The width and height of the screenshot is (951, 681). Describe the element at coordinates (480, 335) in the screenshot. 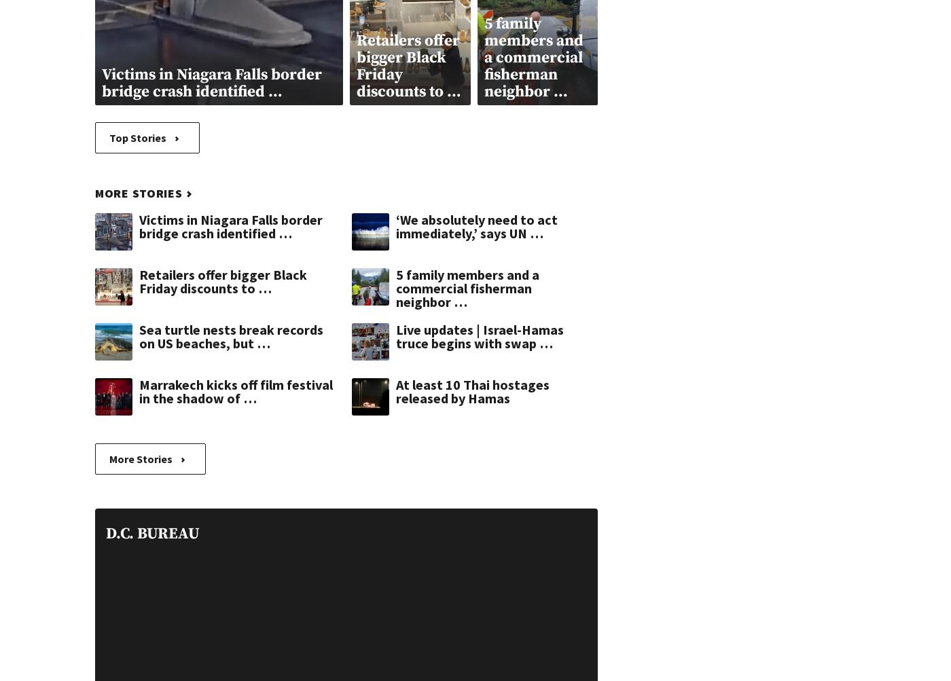

I see `'Live updates | Israel-Hamas truce begins with swap …'` at that location.